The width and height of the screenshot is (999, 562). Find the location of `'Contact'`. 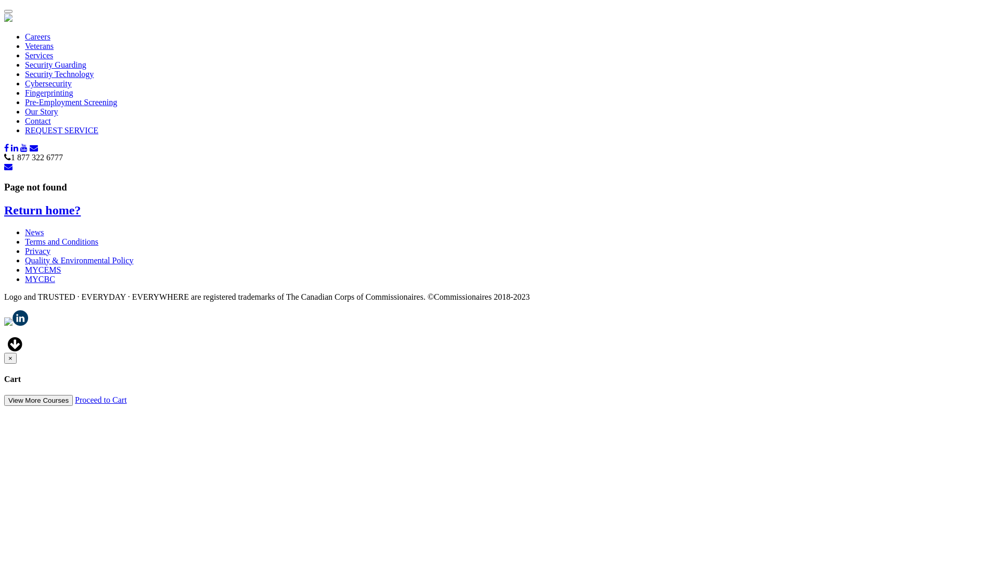

'Contact' is located at coordinates (37, 120).